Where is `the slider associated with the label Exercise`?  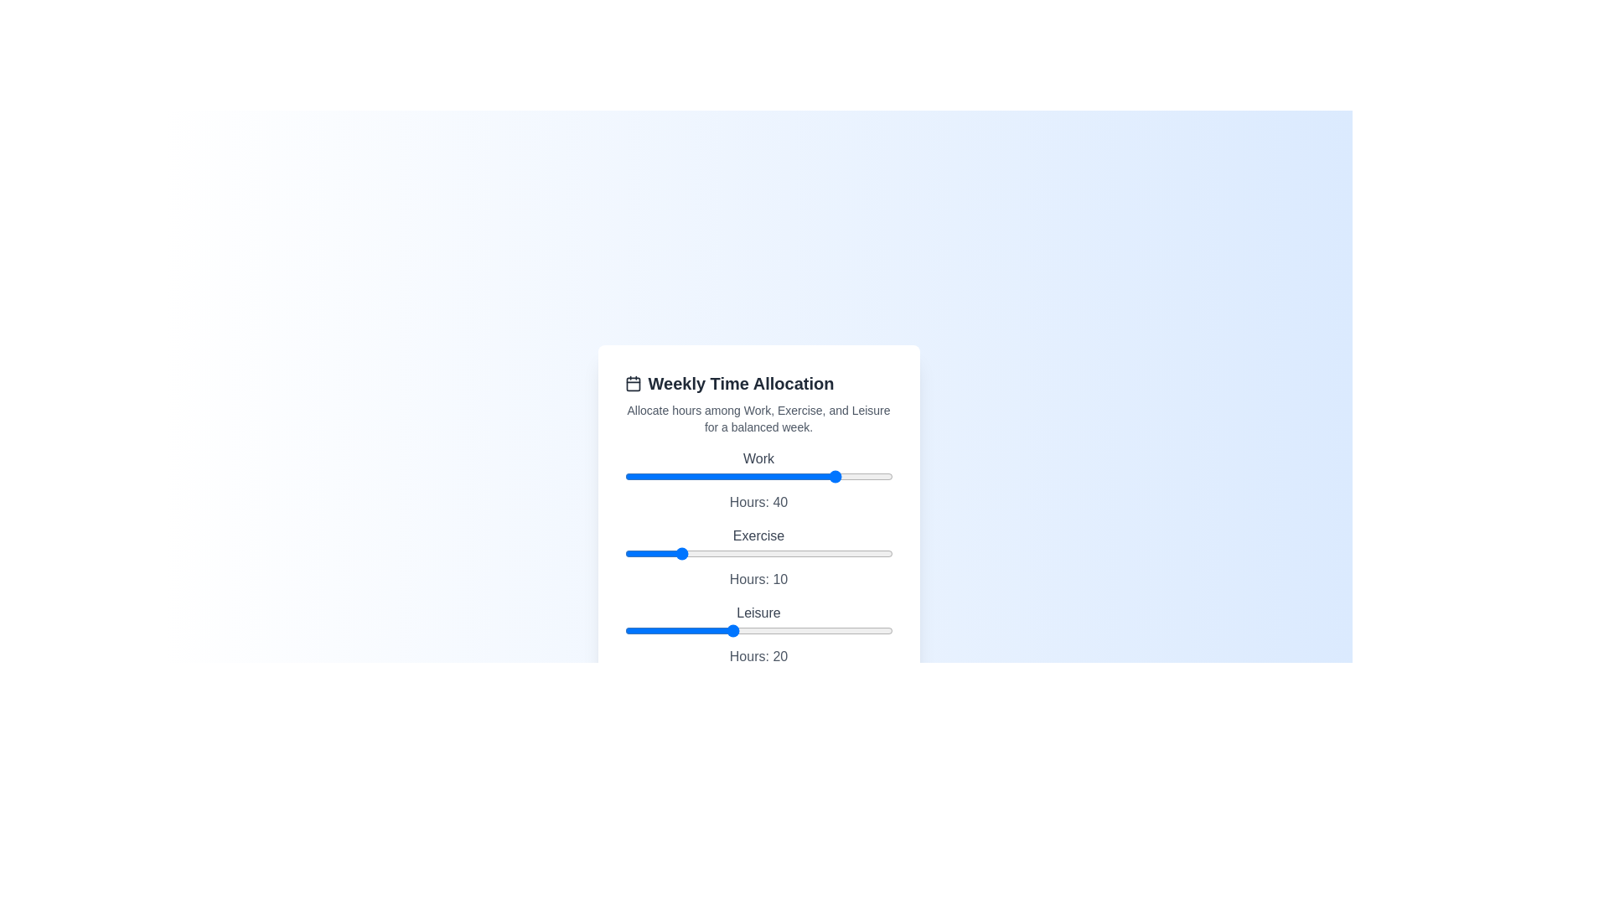 the slider associated with the label Exercise is located at coordinates (758, 553).